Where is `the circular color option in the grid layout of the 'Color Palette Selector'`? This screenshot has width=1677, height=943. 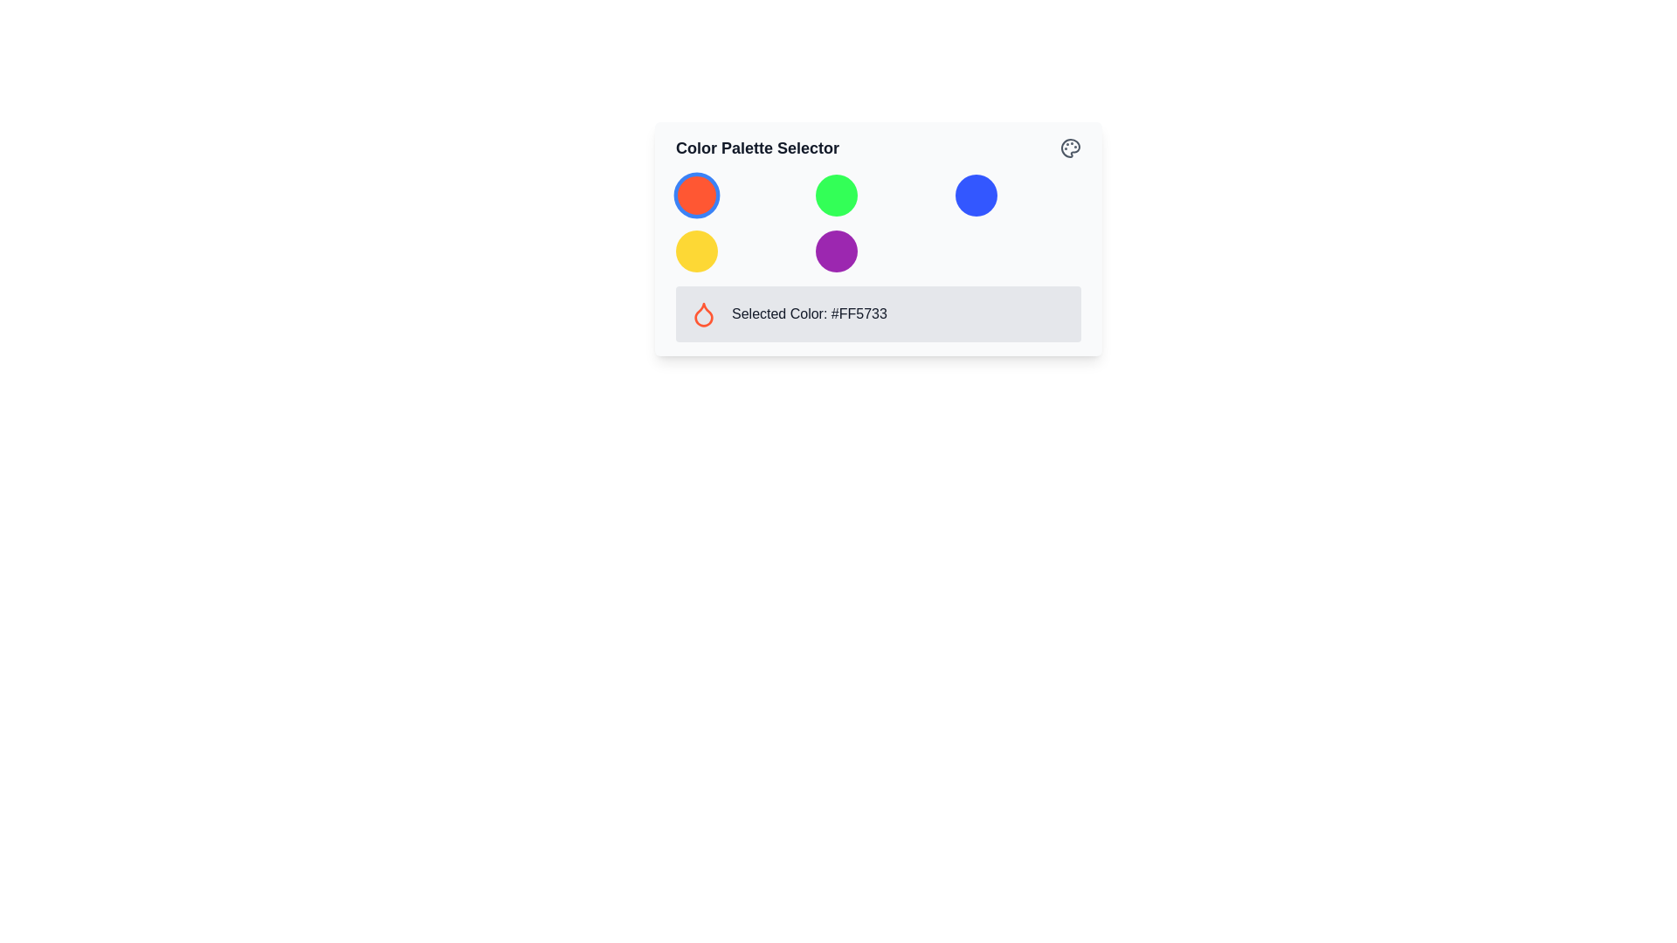
the circular color option in the grid layout of the 'Color Palette Selector' is located at coordinates (879, 229).